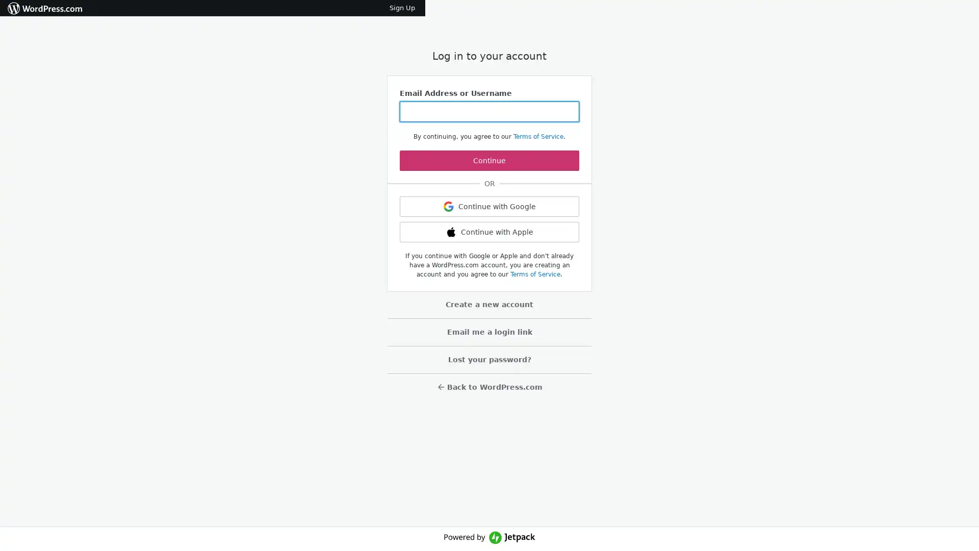  Describe the element at coordinates (489, 161) in the screenshot. I see `Continue` at that location.